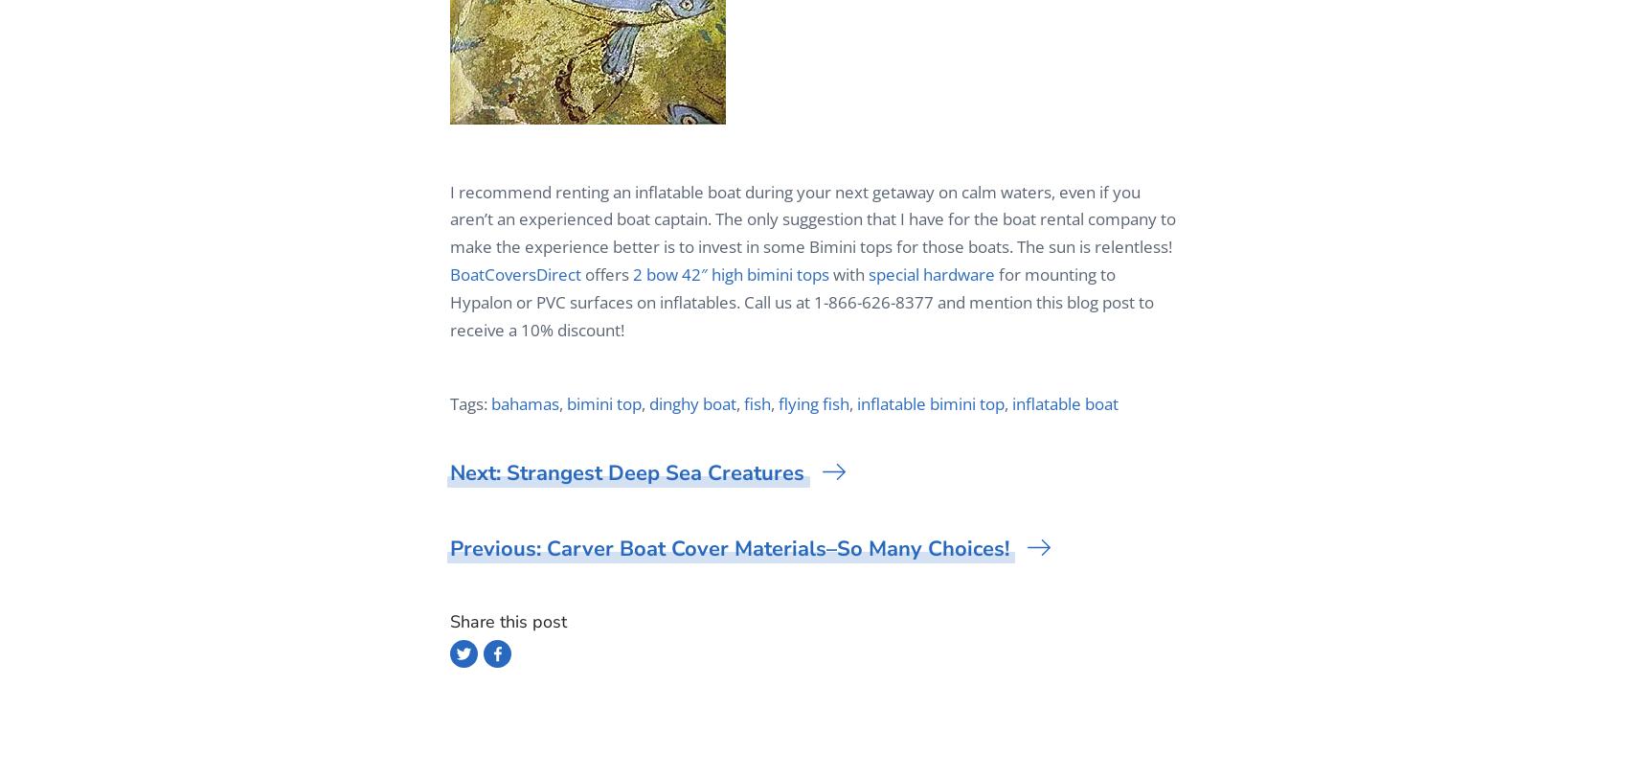 This screenshot has width=1628, height=778. What do you see at coordinates (450, 302) in the screenshot?
I see `'for mounting to Hypalon or PVC surfaces on inflatables. Call us at 1-866-626-8377 and mention this blog post to receive a 10% discount!'` at bounding box center [450, 302].